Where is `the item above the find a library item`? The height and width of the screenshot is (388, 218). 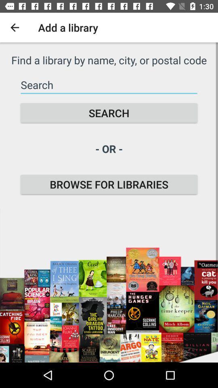
the item above the find a library item is located at coordinates (15, 27).